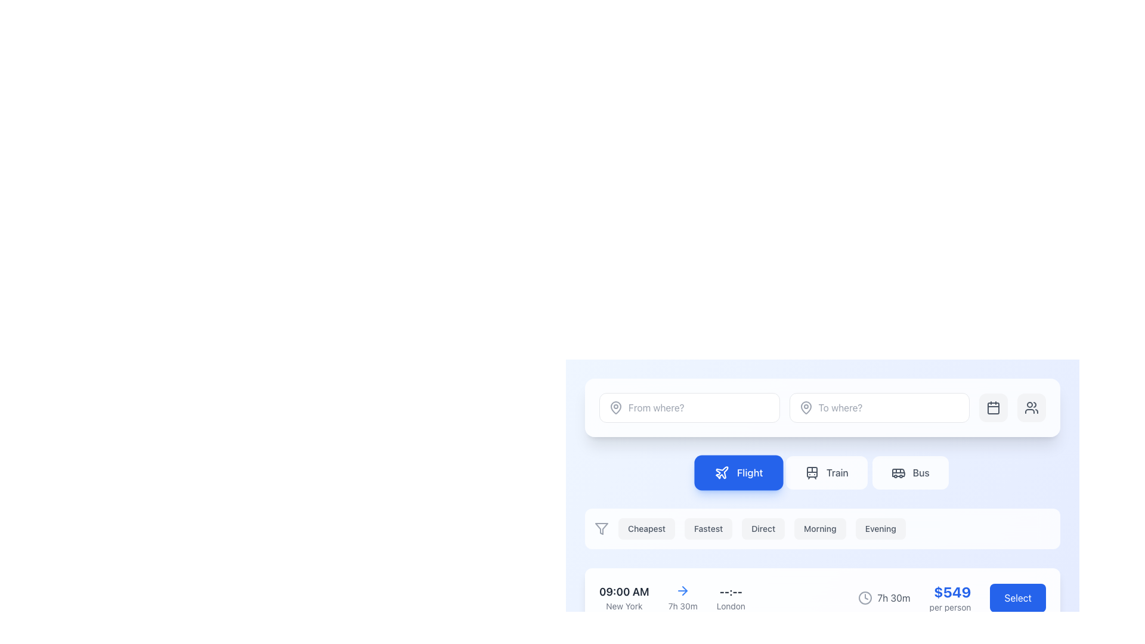  Describe the element at coordinates (898, 472) in the screenshot. I see `the bus icon, which is the third option in a row of transportation choices including 'Flight' and 'Train'` at that location.